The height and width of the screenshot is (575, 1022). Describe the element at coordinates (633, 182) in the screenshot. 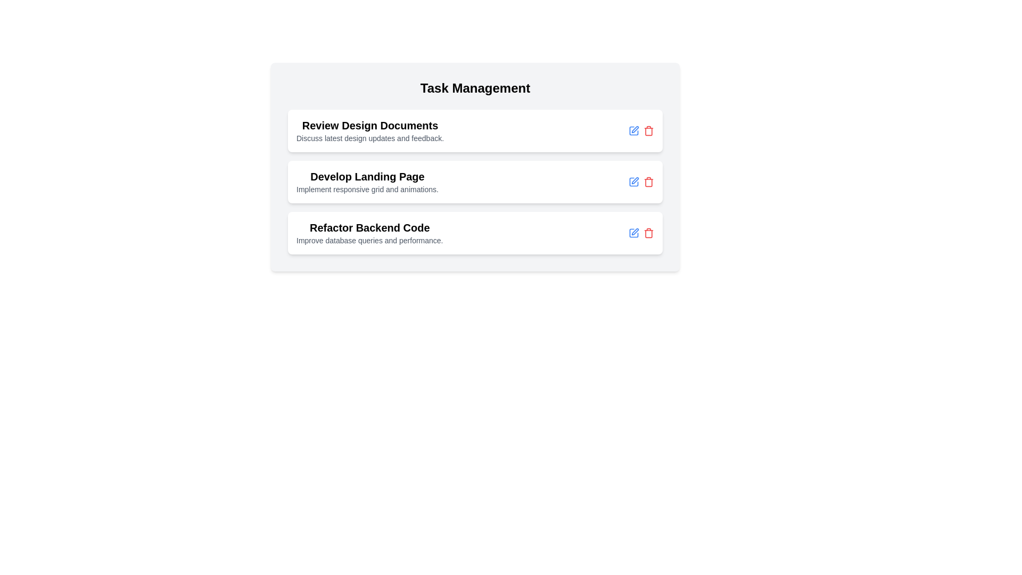

I see `the blue edit icon button, resembling a pen or pencil, located` at that location.